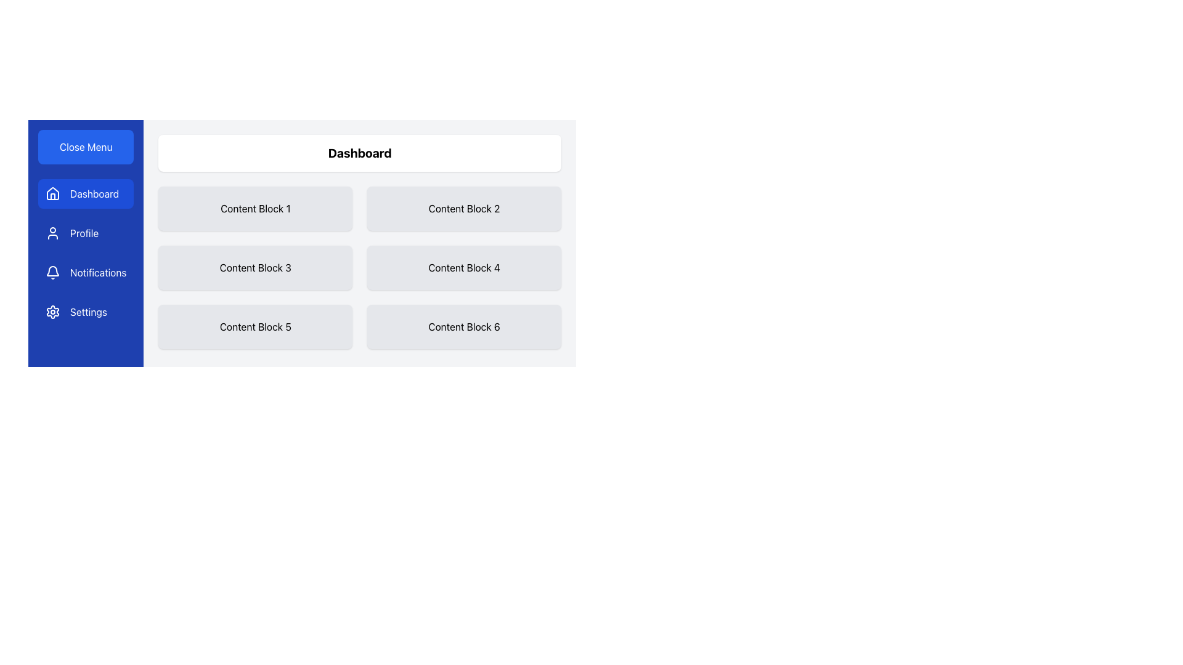 This screenshot has width=1183, height=665. I want to click on the fourth item in the vertical list on the left sidebar, which serves as a navigational link to the settings section of the application, so click(85, 311).